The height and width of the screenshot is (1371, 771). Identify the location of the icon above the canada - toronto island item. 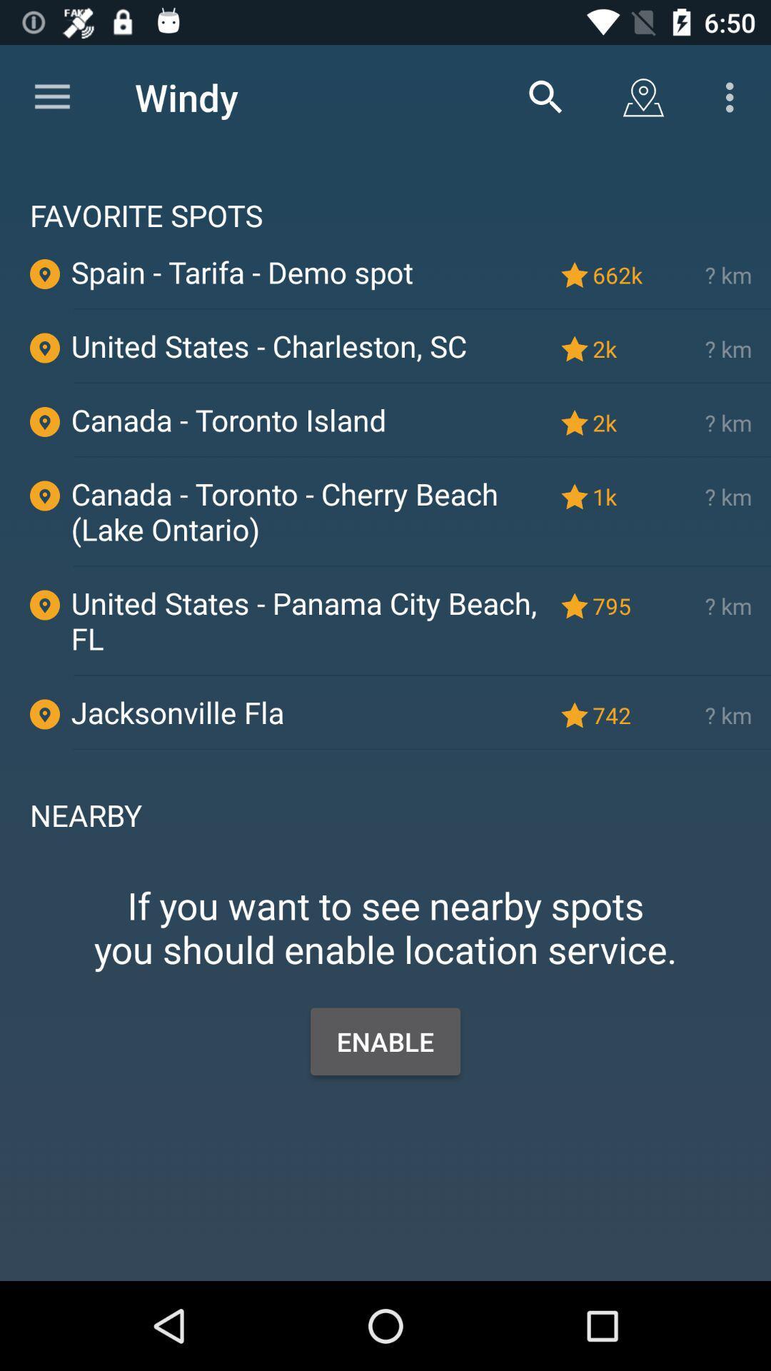
(421, 383).